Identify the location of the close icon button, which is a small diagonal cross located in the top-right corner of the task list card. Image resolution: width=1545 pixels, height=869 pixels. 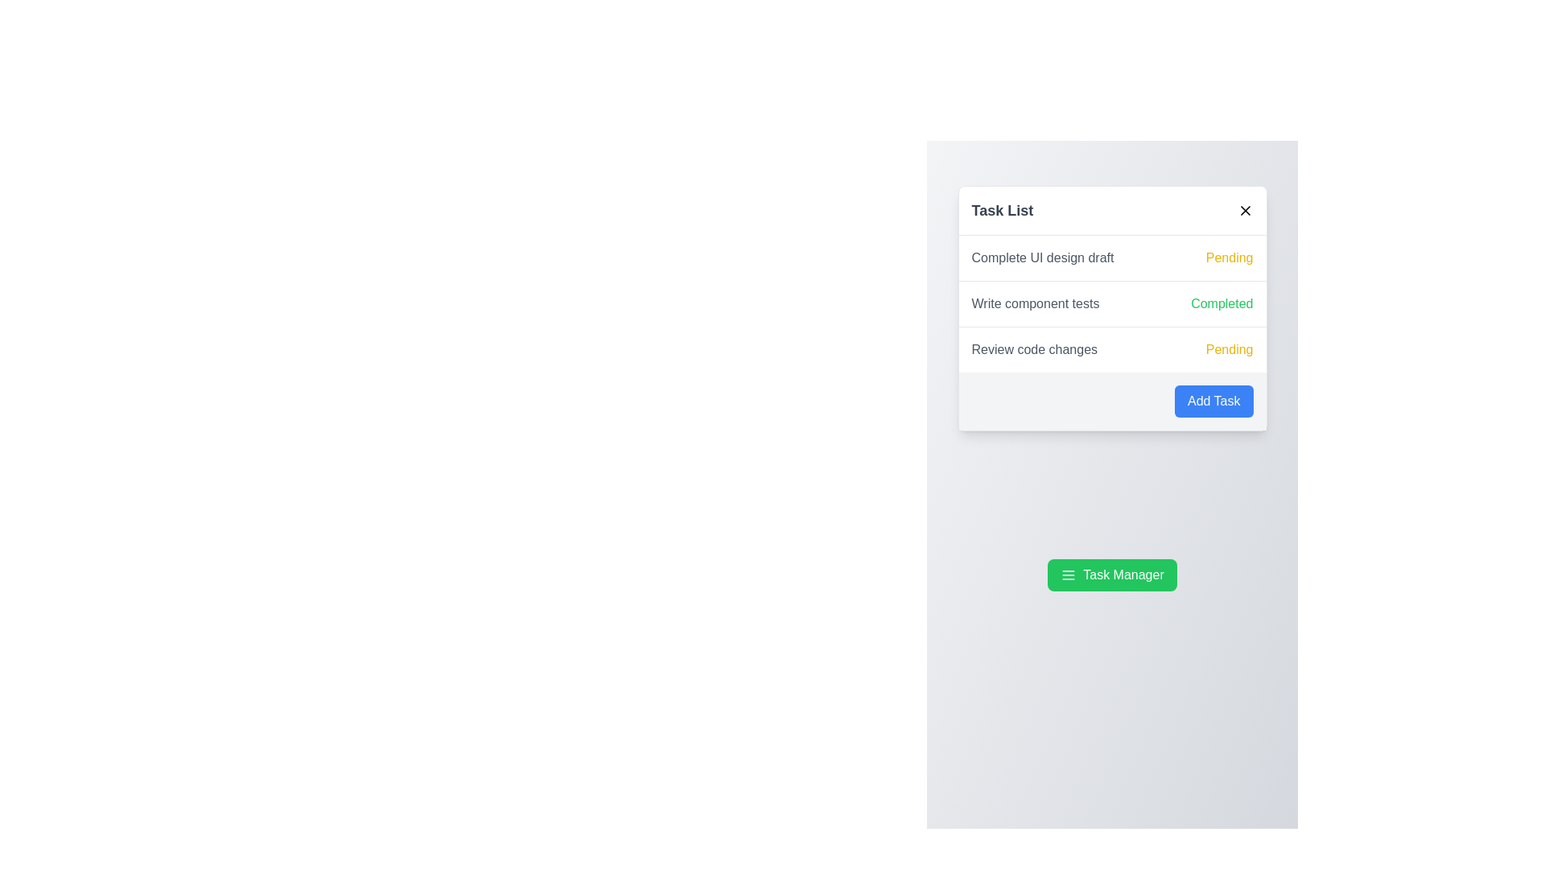
(1244, 210).